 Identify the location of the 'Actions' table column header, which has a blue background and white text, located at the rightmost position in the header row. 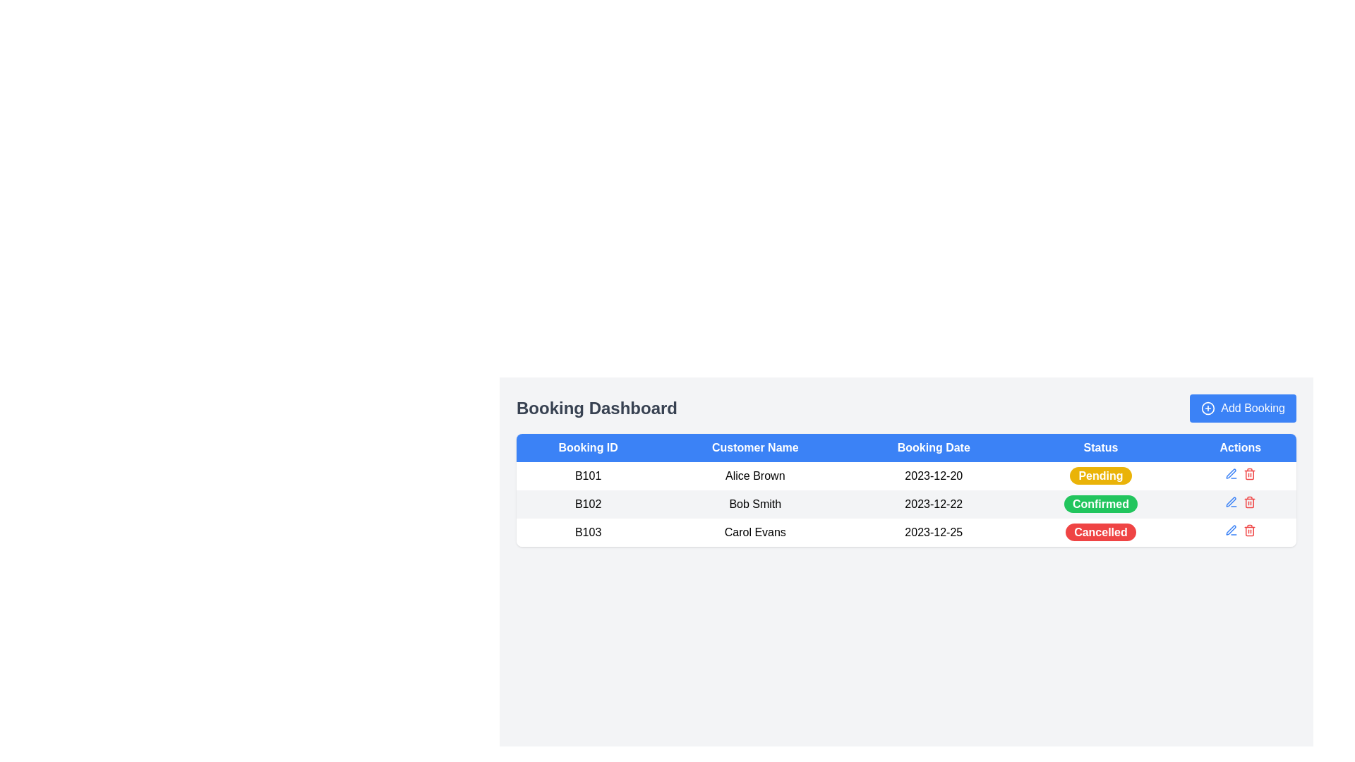
(1239, 448).